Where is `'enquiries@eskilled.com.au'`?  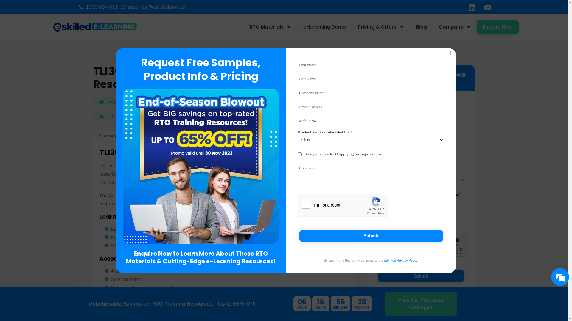
'enquiries@eskilled.com.au' is located at coordinates (153, 7).